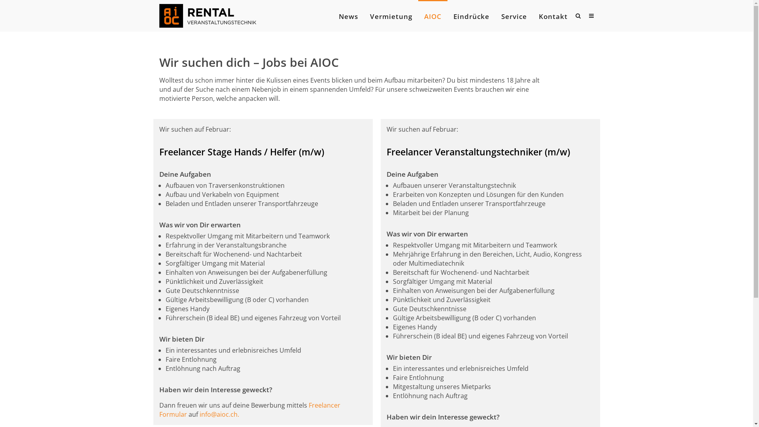 This screenshot has height=427, width=759. I want to click on 'AIOC', so click(423, 17).